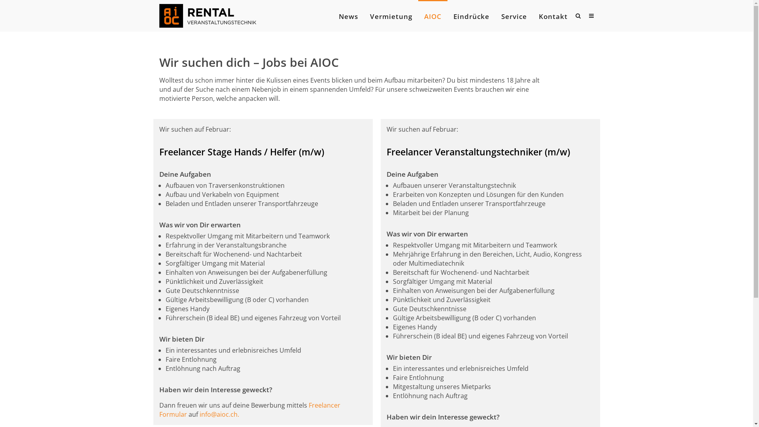 This screenshot has height=427, width=759. I want to click on 'AIOC', so click(423, 17).